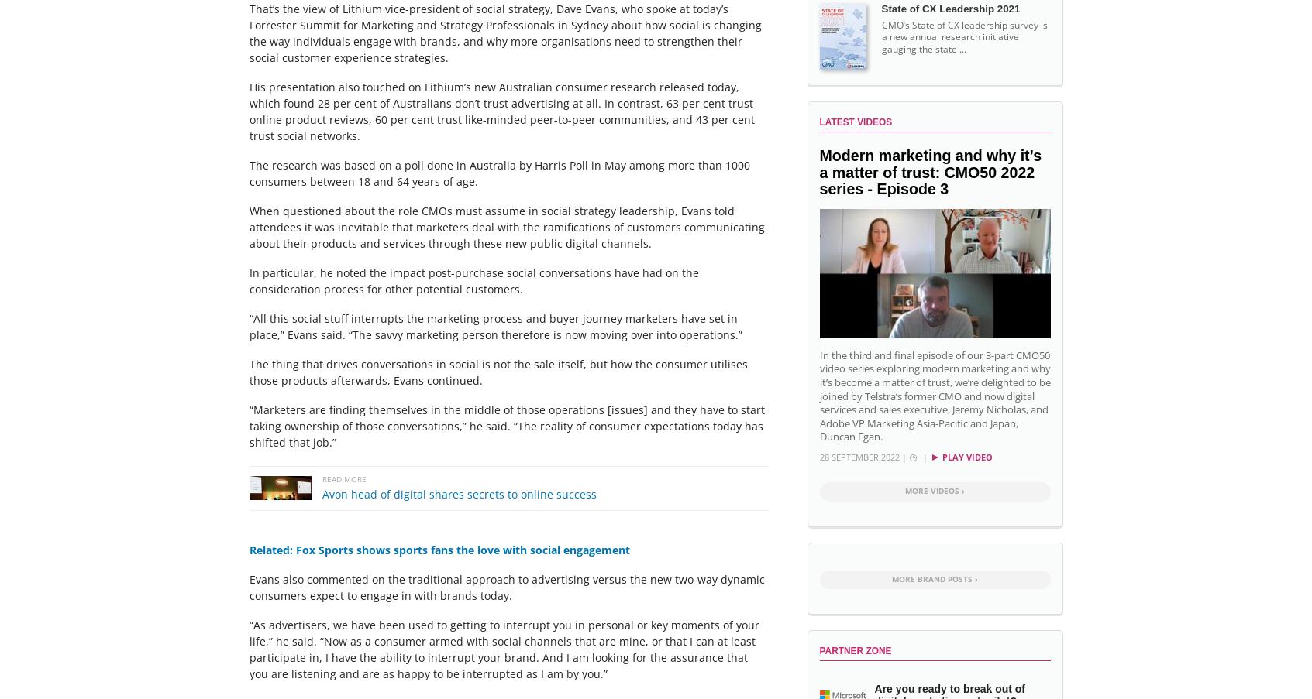 The width and height of the screenshot is (1312, 699). What do you see at coordinates (933, 396) in the screenshot?
I see `'In the third and final episode of our 3-part CMO50 video series exploring modern marketing and why it’s become a matter of trust, we’re delighted to be joined by Telstra’s former CMO and now digital services and sales executive, Jeremy Nicholas, and Adobe VP Marketing Asia-Pacific and Japan, Duncan Egan.'` at bounding box center [933, 396].